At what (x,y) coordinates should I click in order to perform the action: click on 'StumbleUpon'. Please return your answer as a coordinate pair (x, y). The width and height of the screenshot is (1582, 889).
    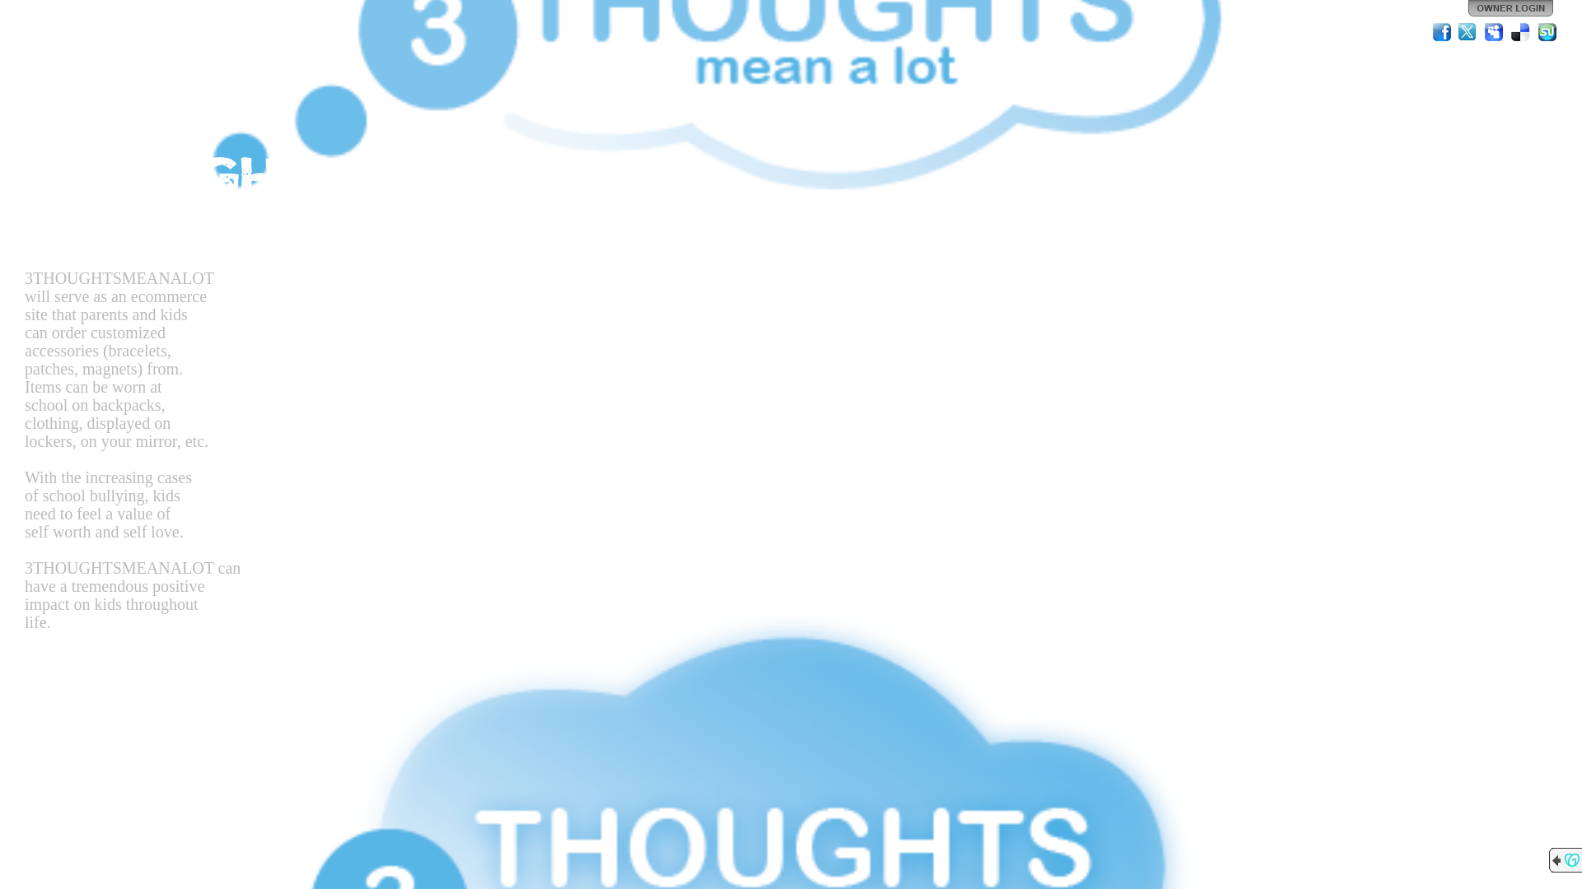
    Looking at the image, I should click on (1546, 31).